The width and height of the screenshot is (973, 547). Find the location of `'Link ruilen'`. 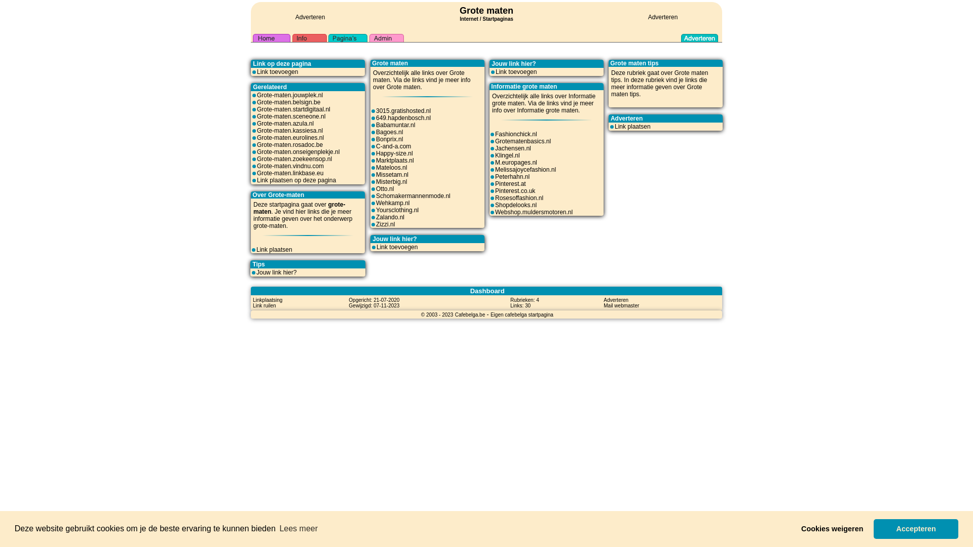

'Link ruilen' is located at coordinates (265, 304).